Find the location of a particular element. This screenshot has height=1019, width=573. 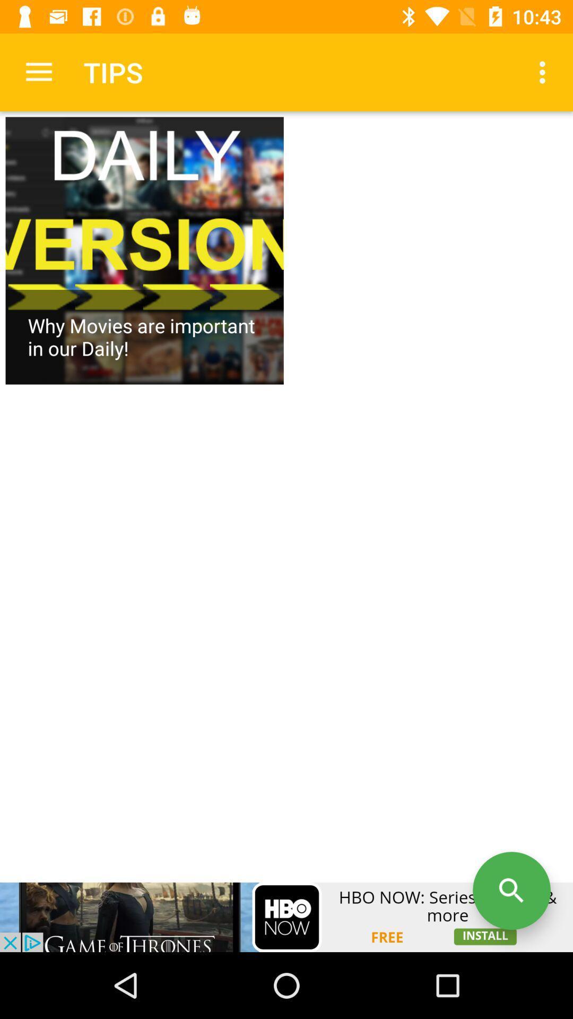

search is located at coordinates (511, 891).